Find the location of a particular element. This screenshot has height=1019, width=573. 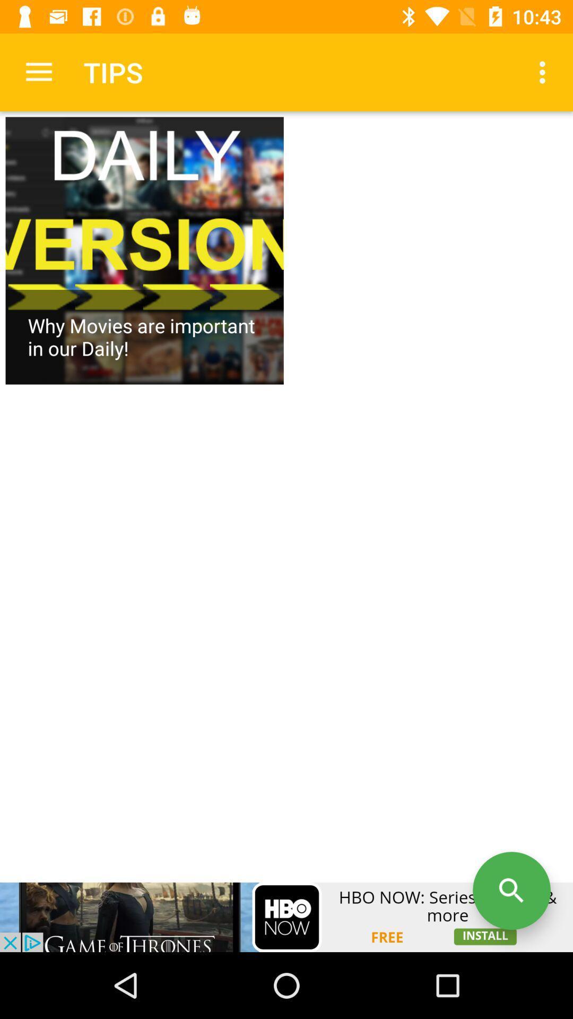

search is located at coordinates (511, 891).